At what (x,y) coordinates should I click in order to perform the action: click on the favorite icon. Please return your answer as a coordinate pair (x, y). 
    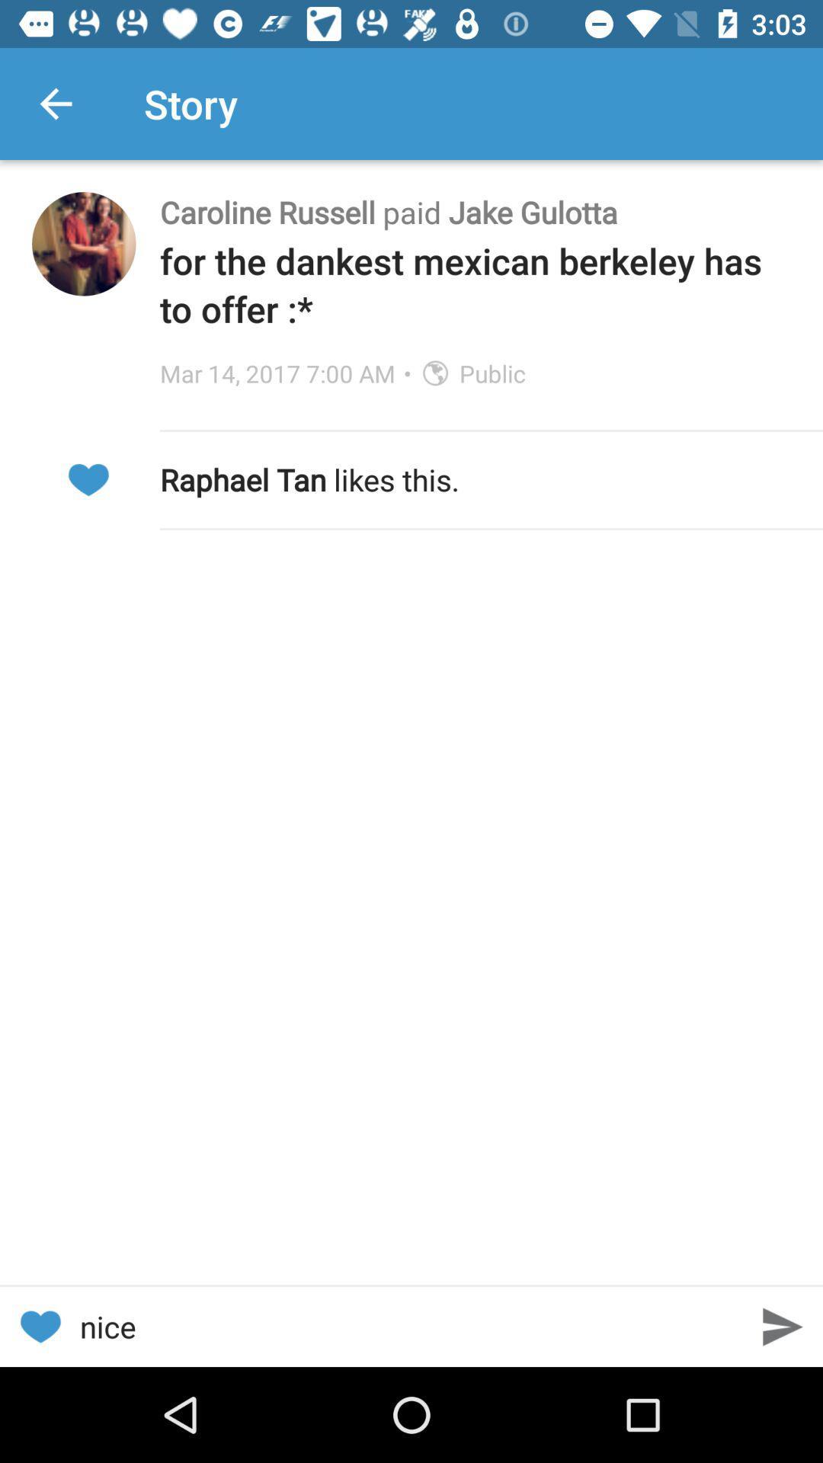
    Looking at the image, I should click on (88, 479).